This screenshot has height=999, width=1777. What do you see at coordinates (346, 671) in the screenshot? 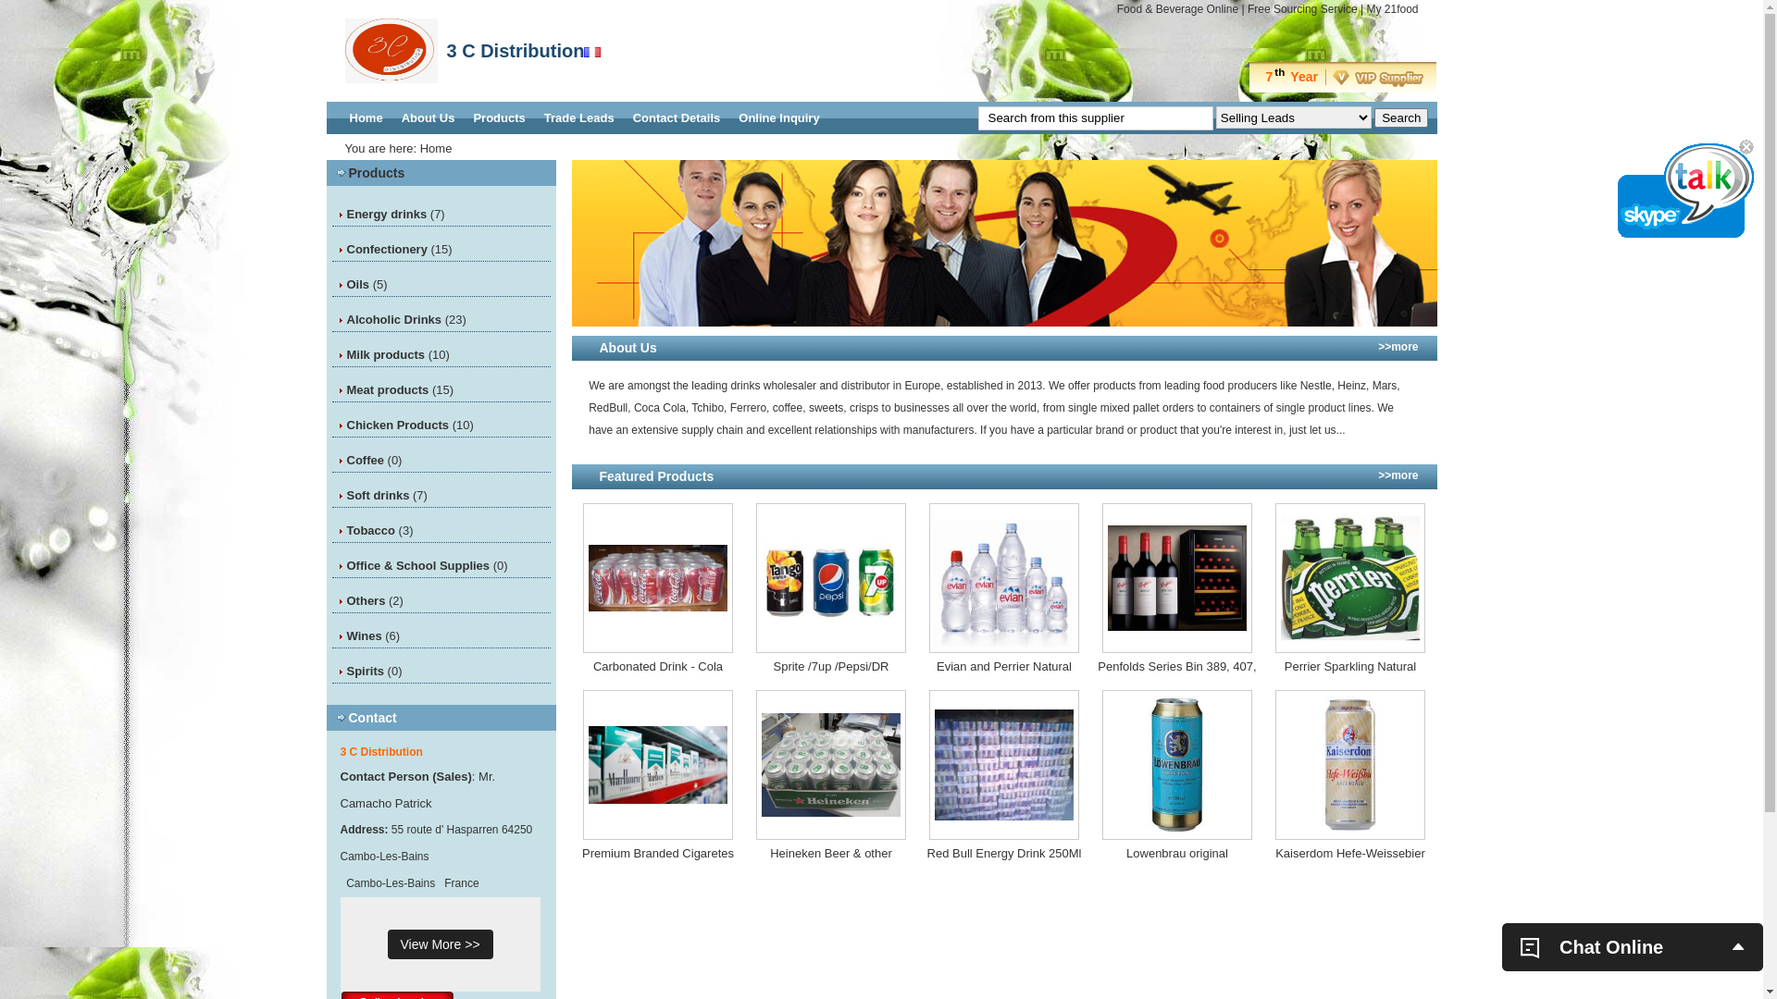
I see `'Spirits (0)'` at bounding box center [346, 671].